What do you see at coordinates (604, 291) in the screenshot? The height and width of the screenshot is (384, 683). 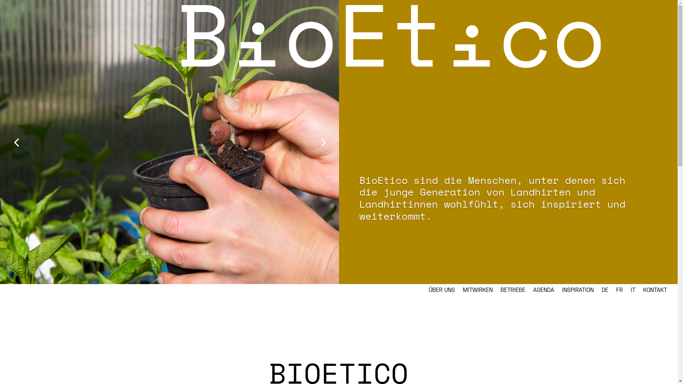 I see `'DE'` at bounding box center [604, 291].